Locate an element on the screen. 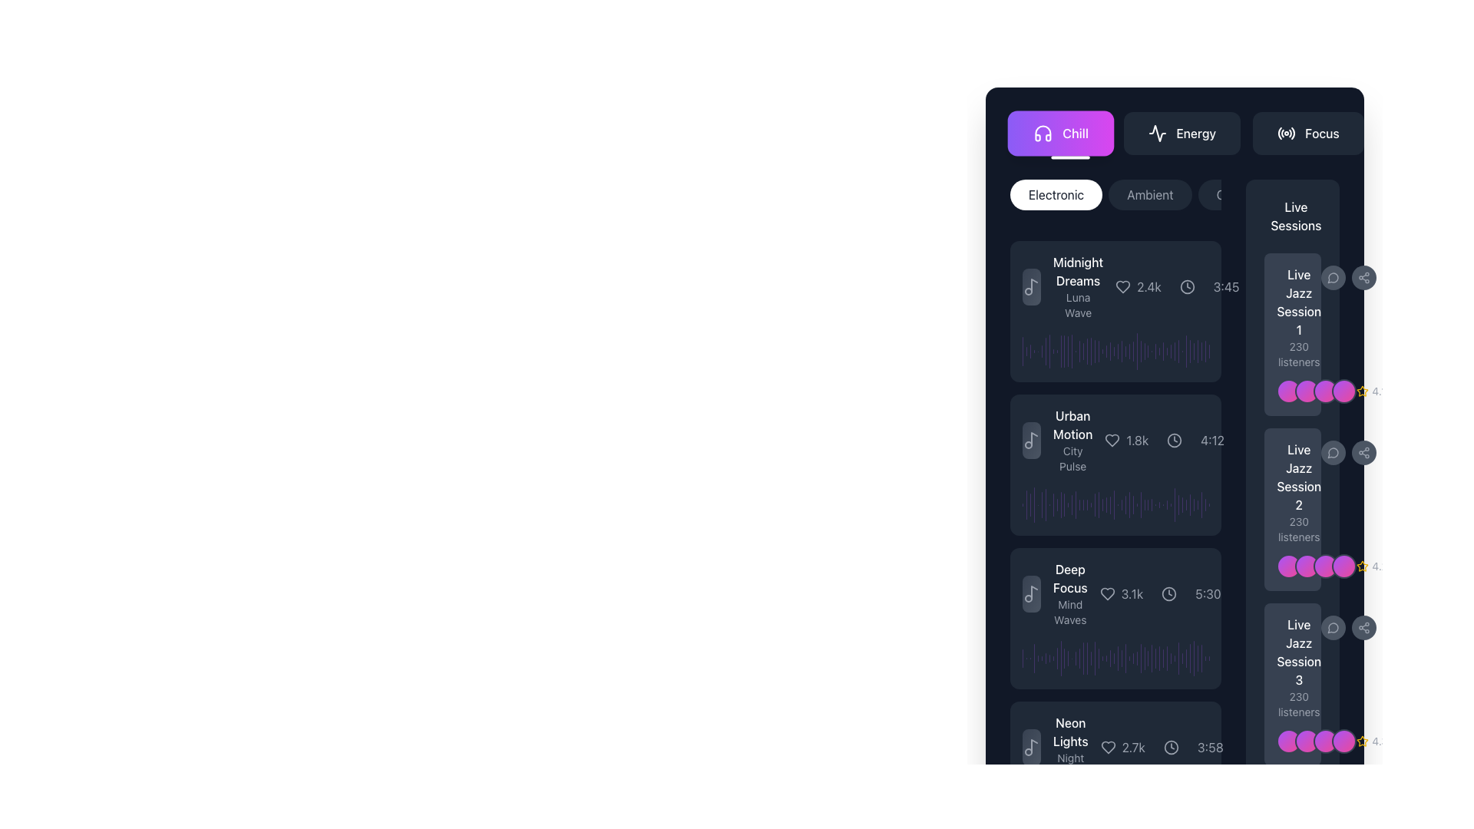  the clock icon (SVG Circle with Center Dot) that indicates the duration or start time of the music track, located to the right of the track's title and metadata is located at coordinates (1174, 441).